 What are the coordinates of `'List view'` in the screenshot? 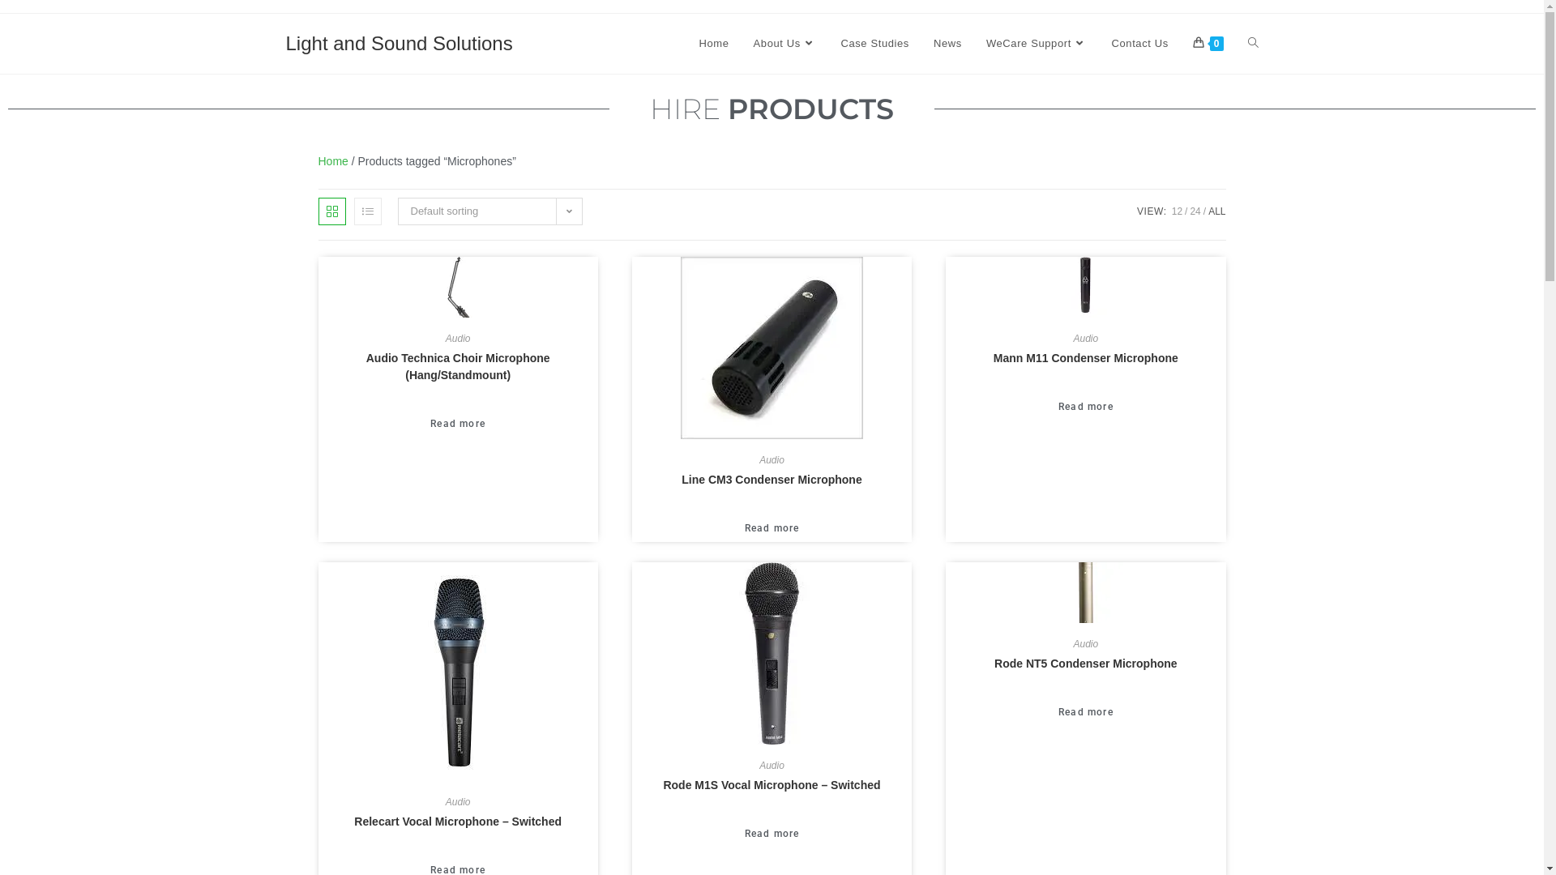 It's located at (365, 211).